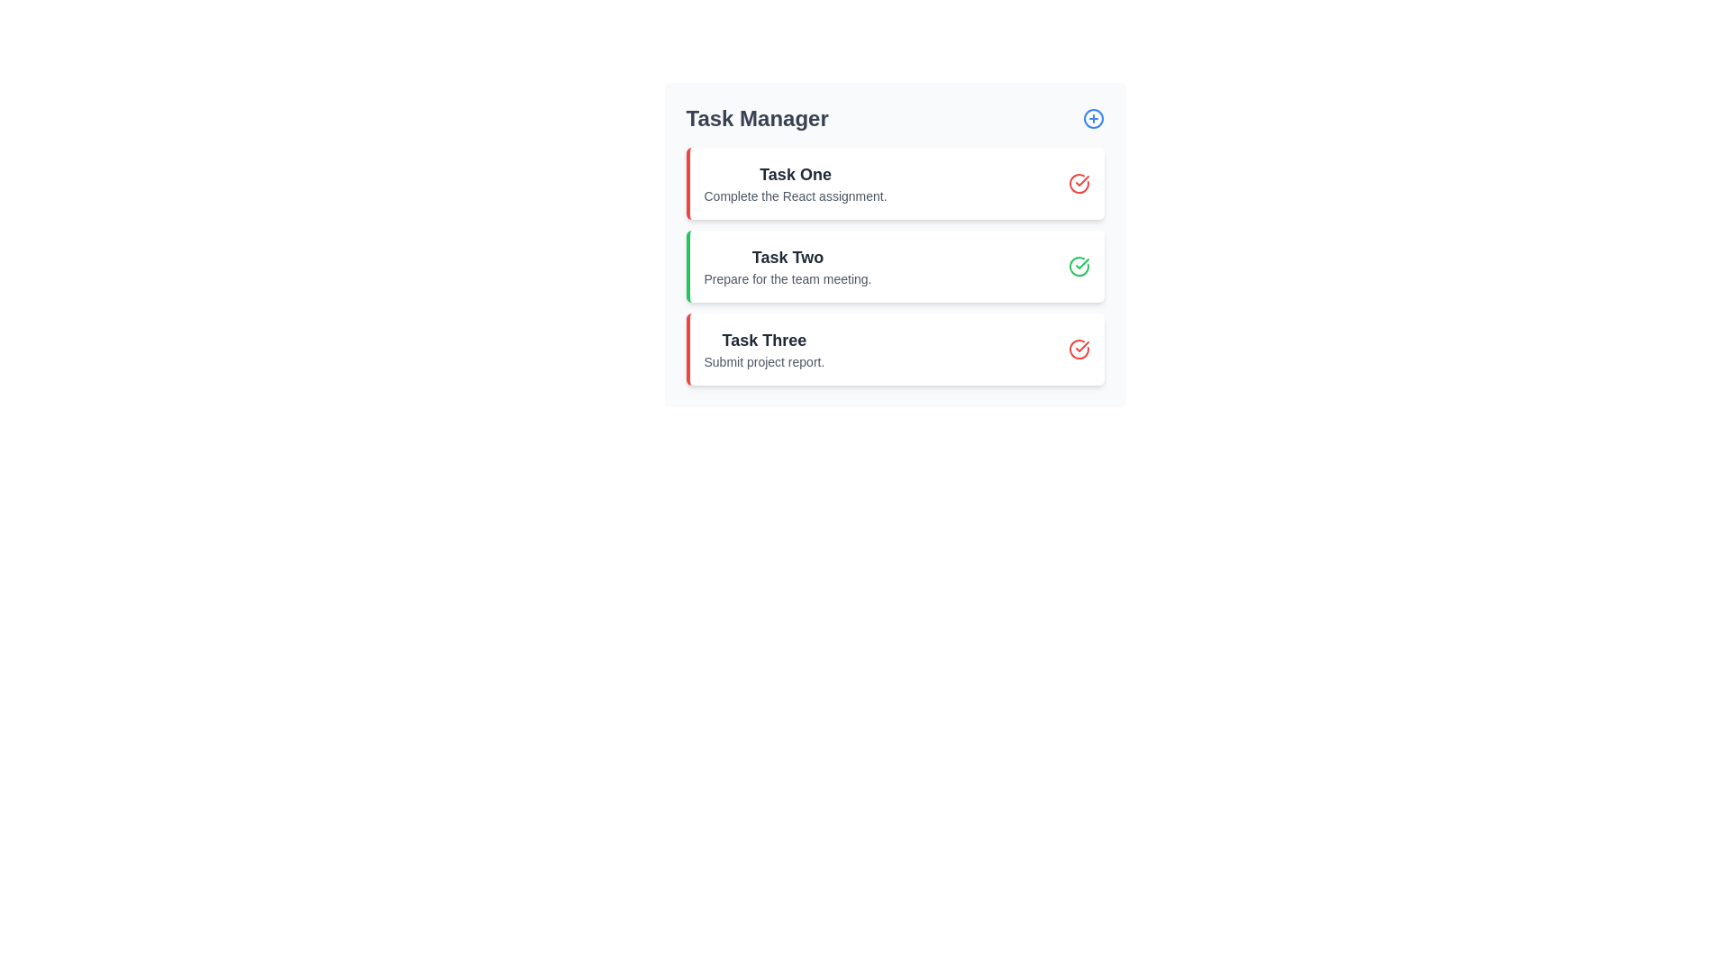 This screenshot has width=1730, height=973. I want to click on the circular button with a blue border and a cross in the center located in the top-right corner of the 'Task Manager' panel header, so click(1092, 118).